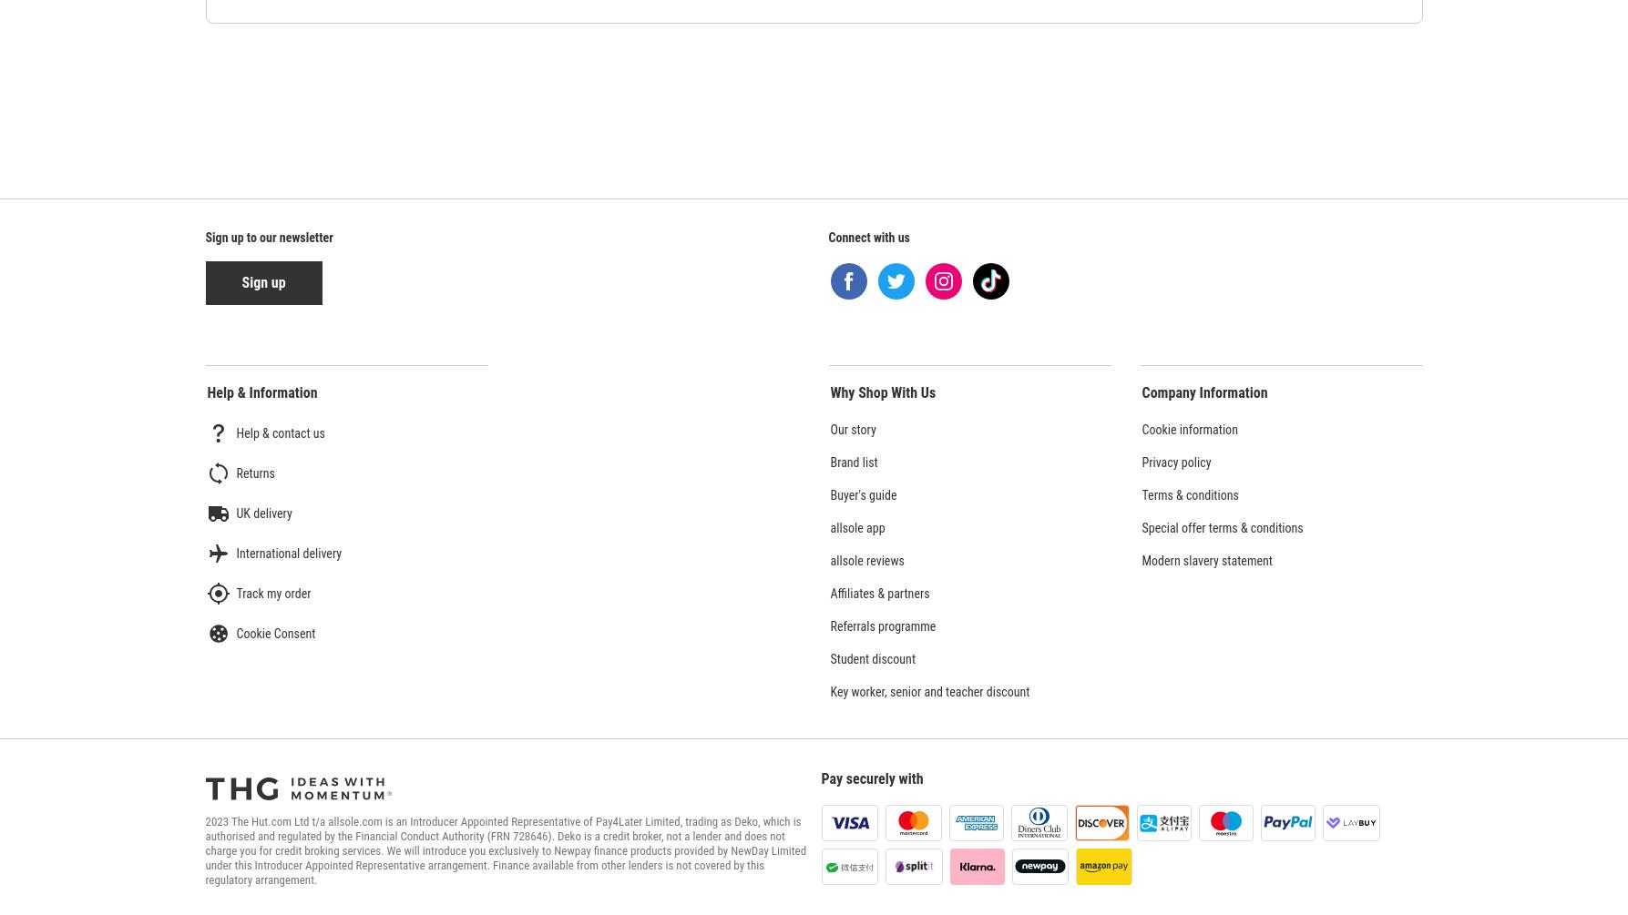 The image size is (1628, 915). Describe the element at coordinates (261, 281) in the screenshot. I see `'Sign up'` at that location.